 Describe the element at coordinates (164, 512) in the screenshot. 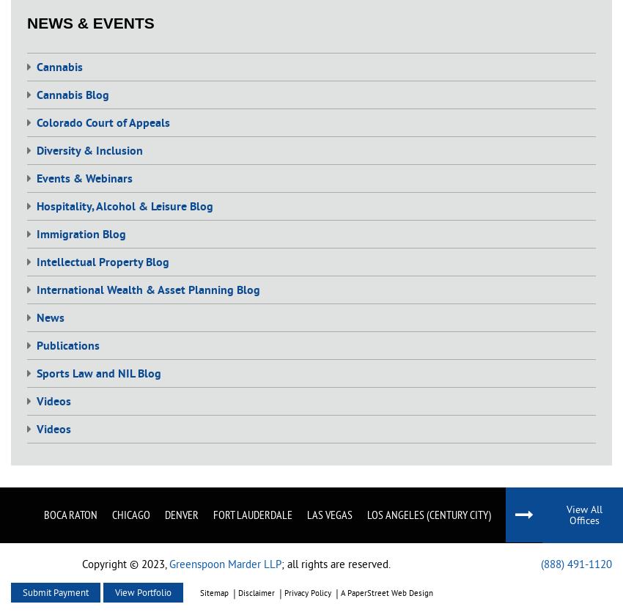

I see `'Denver'` at that location.